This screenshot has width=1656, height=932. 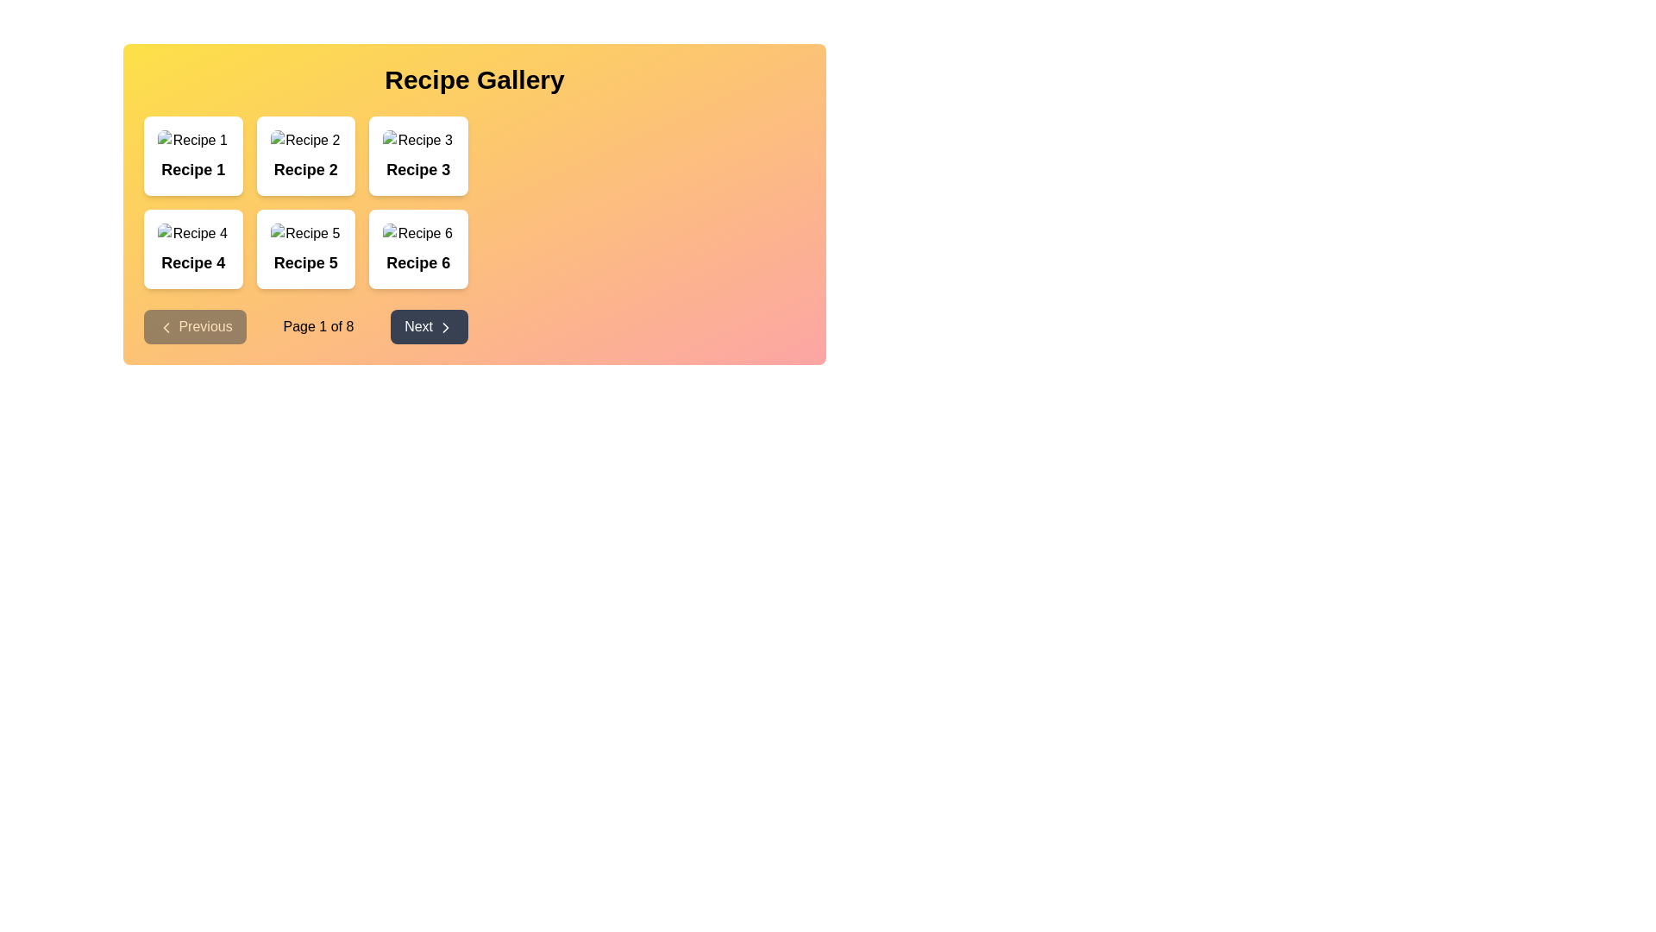 What do you see at coordinates (418, 139) in the screenshot?
I see `the image placeholder representing 'Recipe 3'` at bounding box center [418, 139].